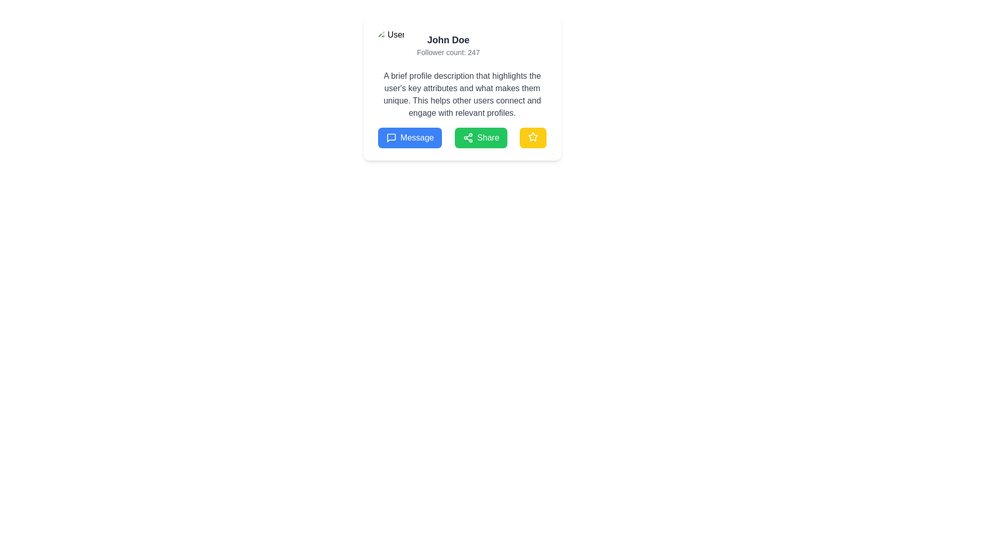 The image size is (989, 556). Describe the element at coordinates (410, 137) in the screenshot. I see `the message sending button located at the leftmost position in the row of interactive elements, just below the user's profile information` at that location.